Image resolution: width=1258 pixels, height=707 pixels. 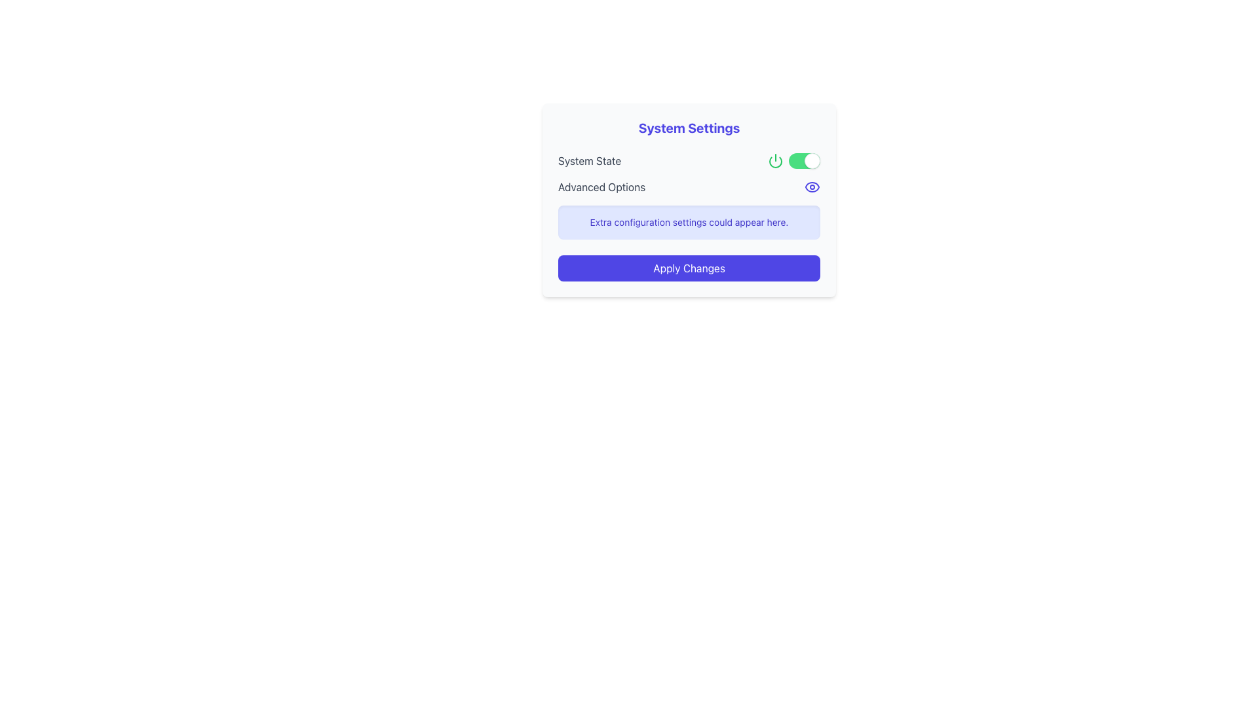 What do you see at coordinates (811, 187) in the screenshot?
I see `the eye-shaped icon button with a blue outline located to the far right of the 'Advanced Options' text` at bounding box center [811, 187].